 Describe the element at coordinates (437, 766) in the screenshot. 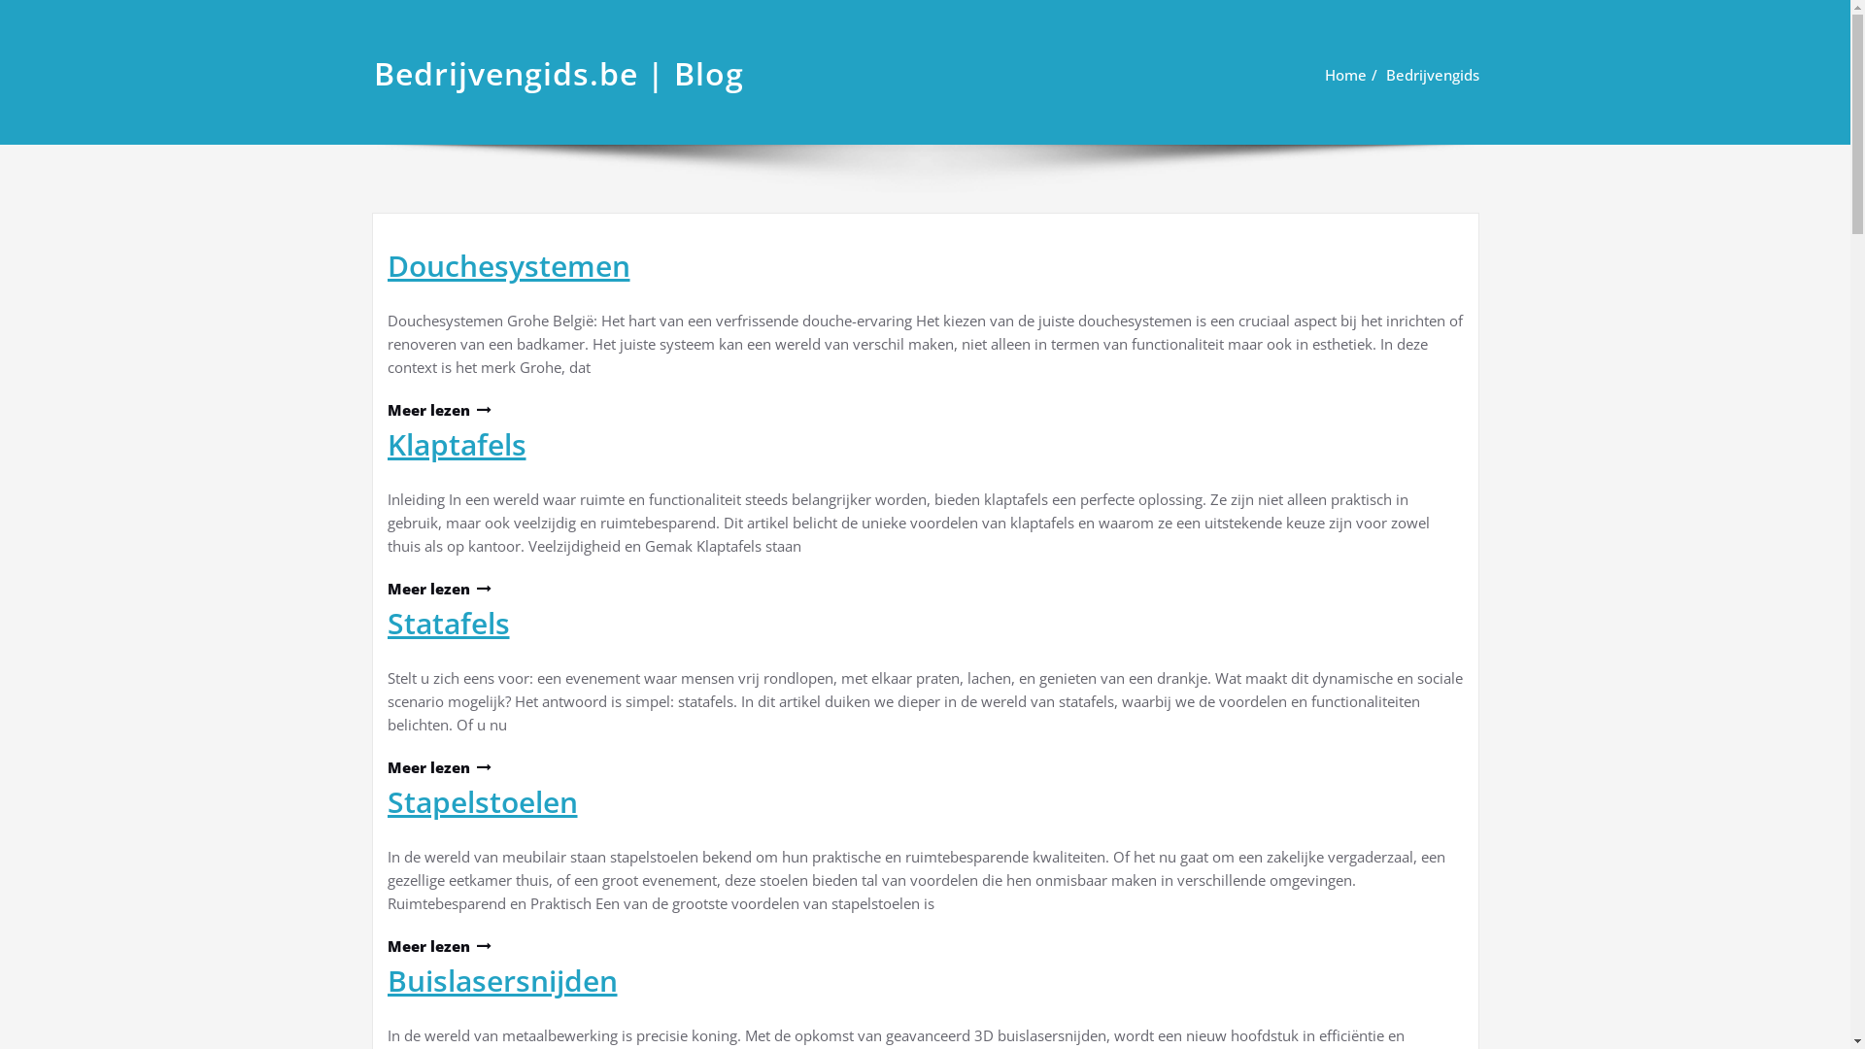

I see `'Meer lezen'` at that location.